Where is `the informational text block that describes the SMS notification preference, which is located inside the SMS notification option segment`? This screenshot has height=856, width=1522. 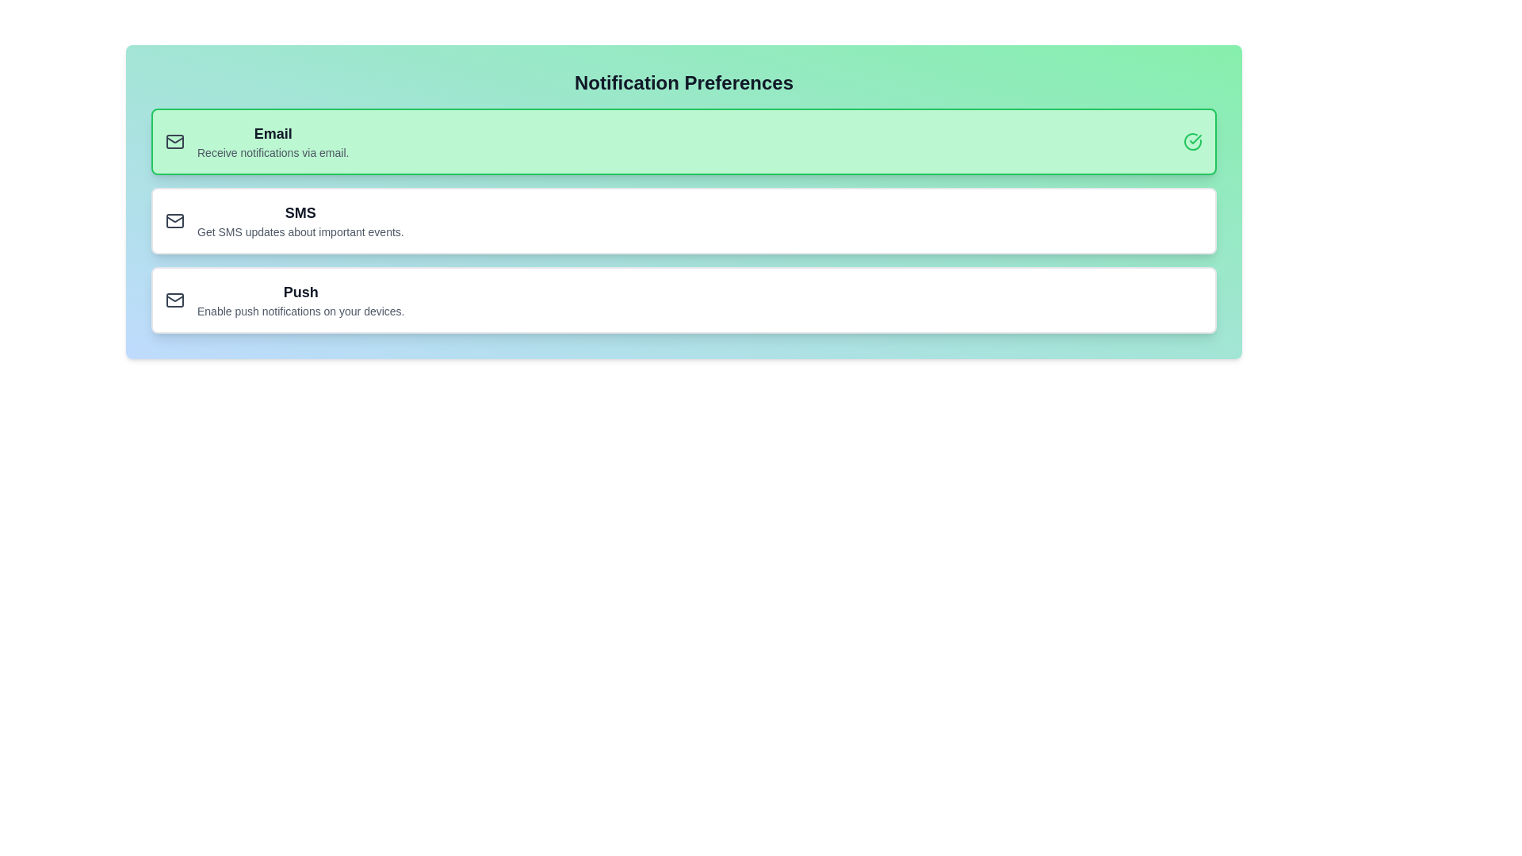 the informational text block that describes the SMS notification preference, which is located inside the SMS notification option segment is located at coordinates (300, 220).